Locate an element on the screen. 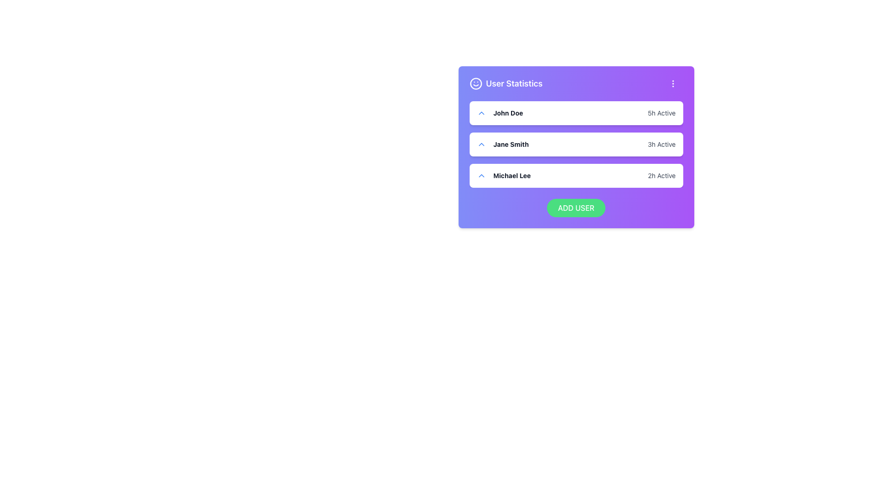 The width and height of the screenshot is (884, 497). the user name text display, which is the second entry in the user statistics section is located at coordinates (510, 144).